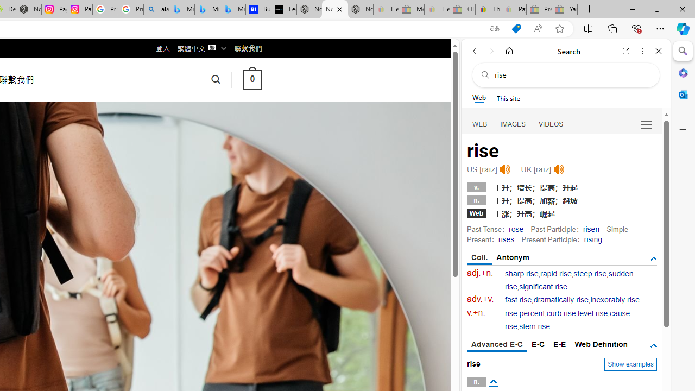 Image resolution: width=695 pixels, height=391 pixels. I want to click on 'sharp rise', so click(522, 273).